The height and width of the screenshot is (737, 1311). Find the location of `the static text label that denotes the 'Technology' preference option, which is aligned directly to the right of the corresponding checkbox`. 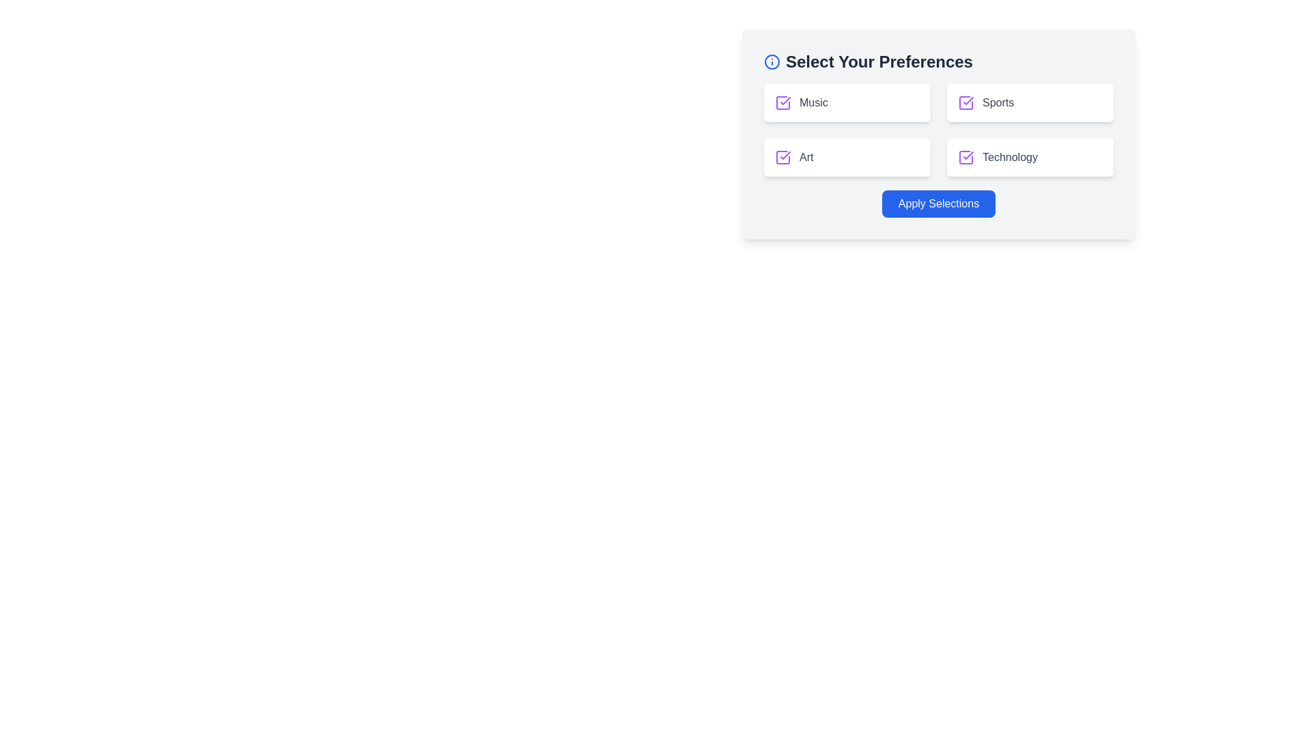

the static text label that denotes the 'Technology' preference option, which is aligned directly to the right of the corresponding checkbox is located at coordinates (1010, 157).